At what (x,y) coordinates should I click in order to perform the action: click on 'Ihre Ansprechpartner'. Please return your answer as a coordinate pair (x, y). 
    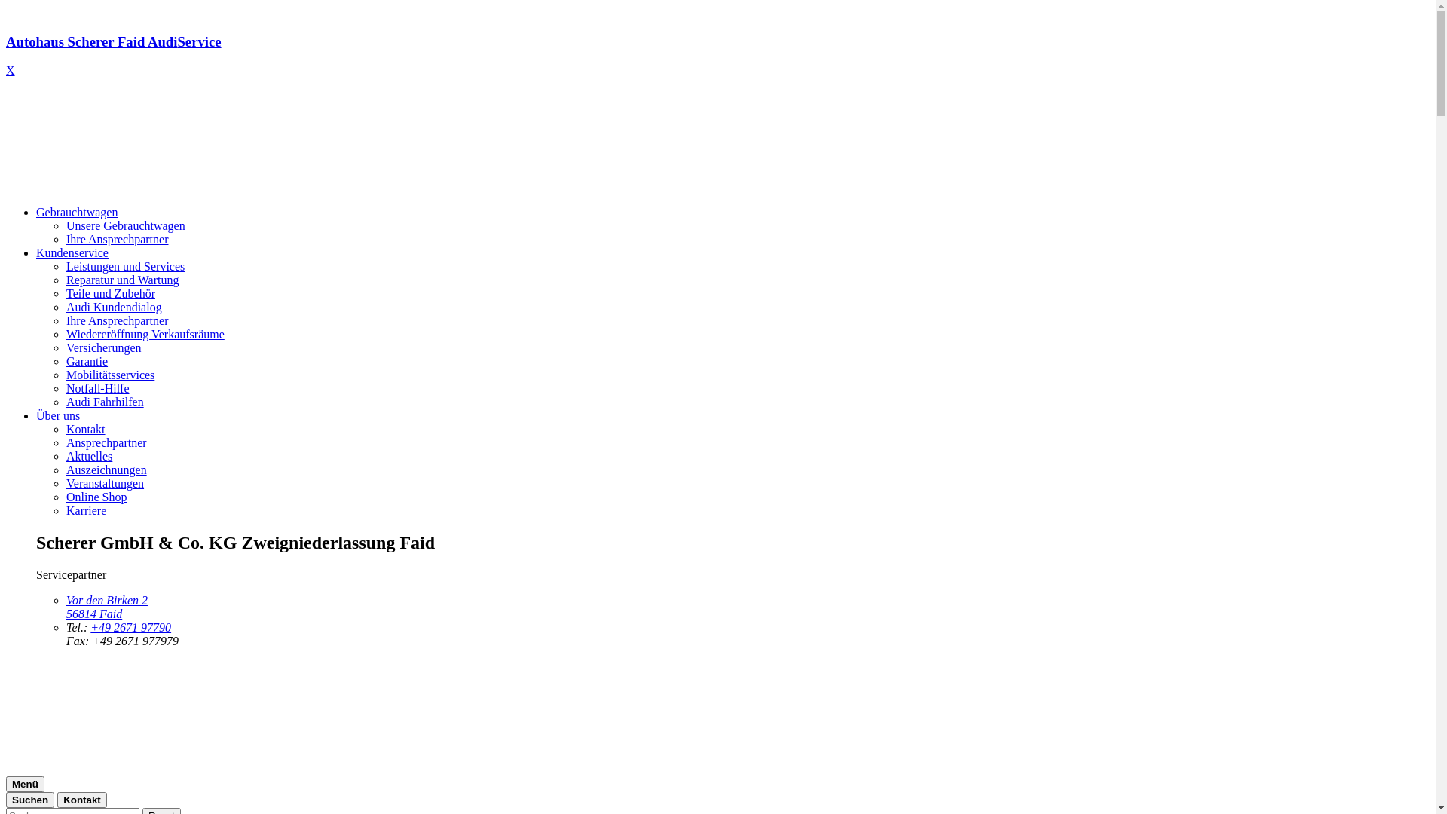
    Looking at the image, I should click on (117, 320).